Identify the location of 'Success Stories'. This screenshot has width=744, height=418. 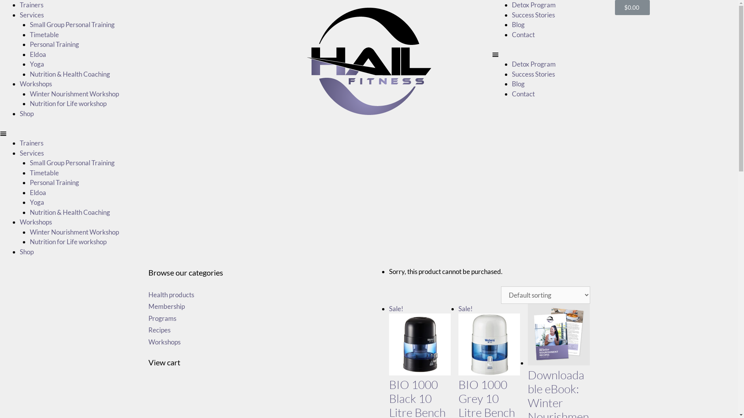
(533, 74).